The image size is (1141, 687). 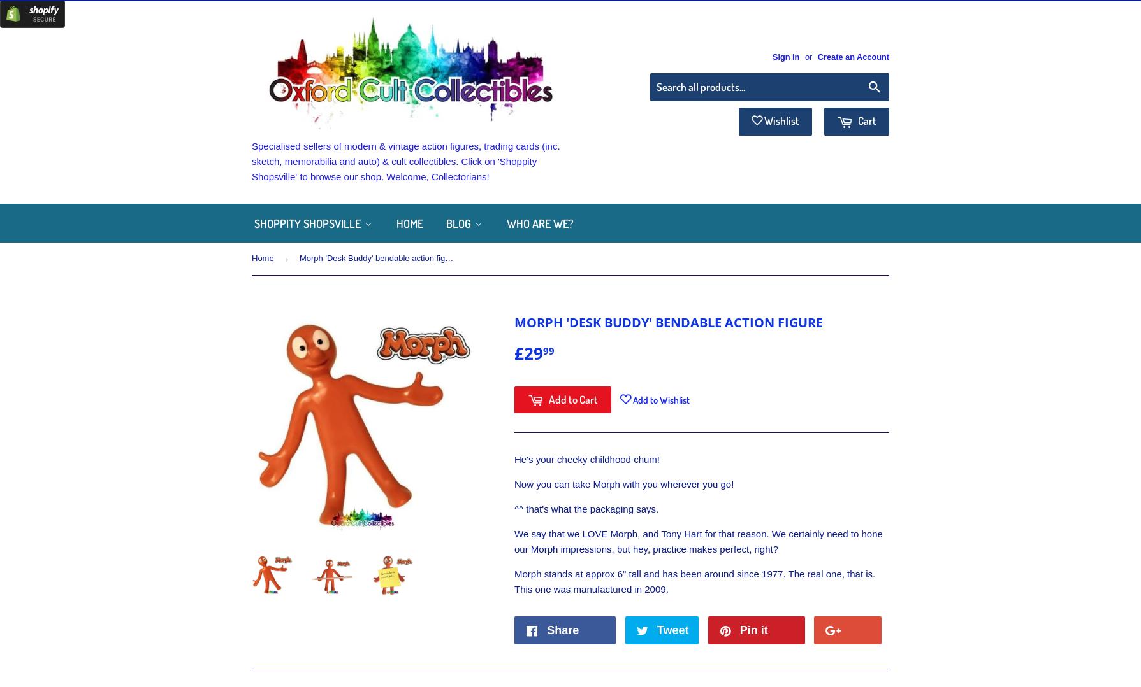 What do you see at coordinates (865, 630) in the screenshot?
I see `'+1'` at bounding box center [865, 630].